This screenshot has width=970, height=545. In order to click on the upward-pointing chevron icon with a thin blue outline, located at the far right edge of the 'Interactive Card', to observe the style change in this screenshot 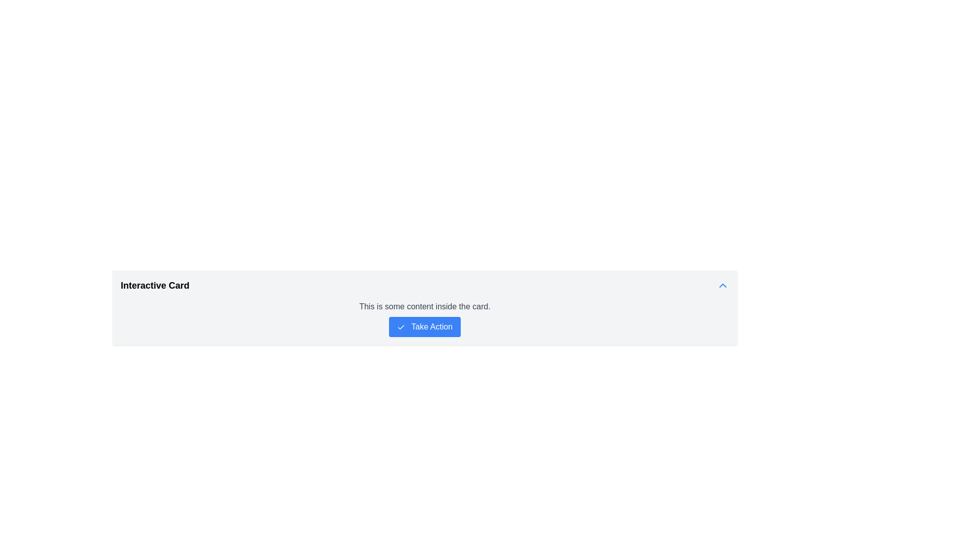, I will do `click(722, 286)`.